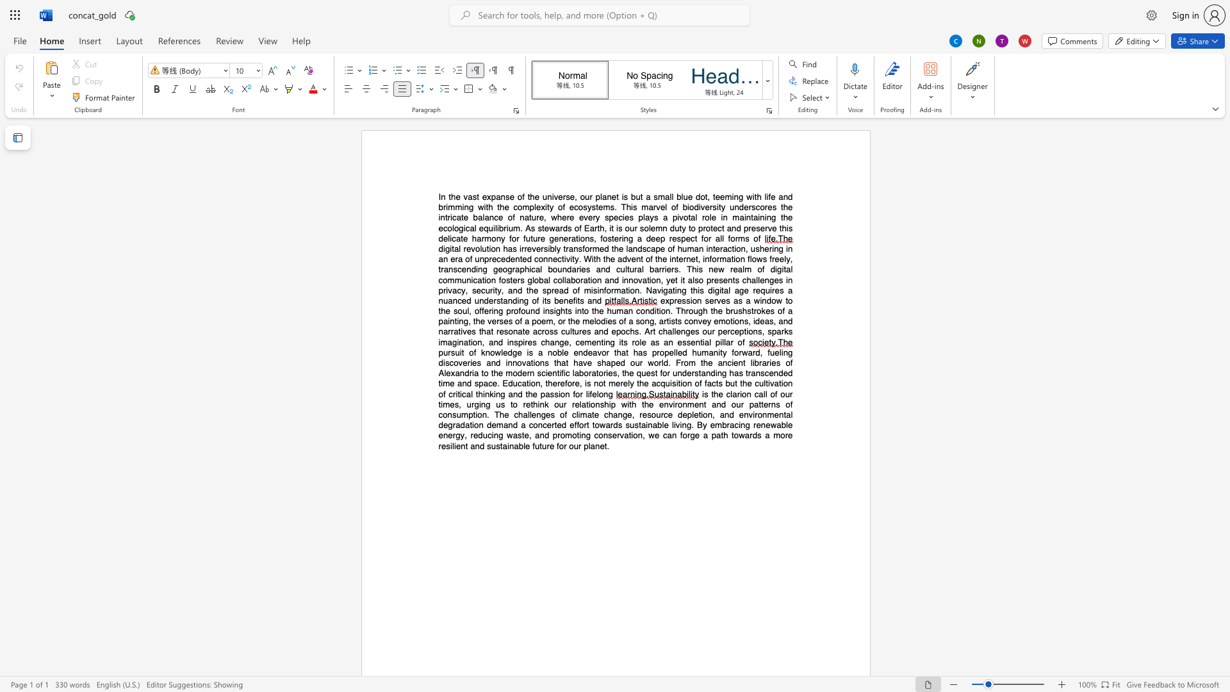 The image size is (1230, 692). What do you see at coordinates (549, 279) in the screenshot?
I see `the 13th character "l" in the text` at bounding box center [549, 279].